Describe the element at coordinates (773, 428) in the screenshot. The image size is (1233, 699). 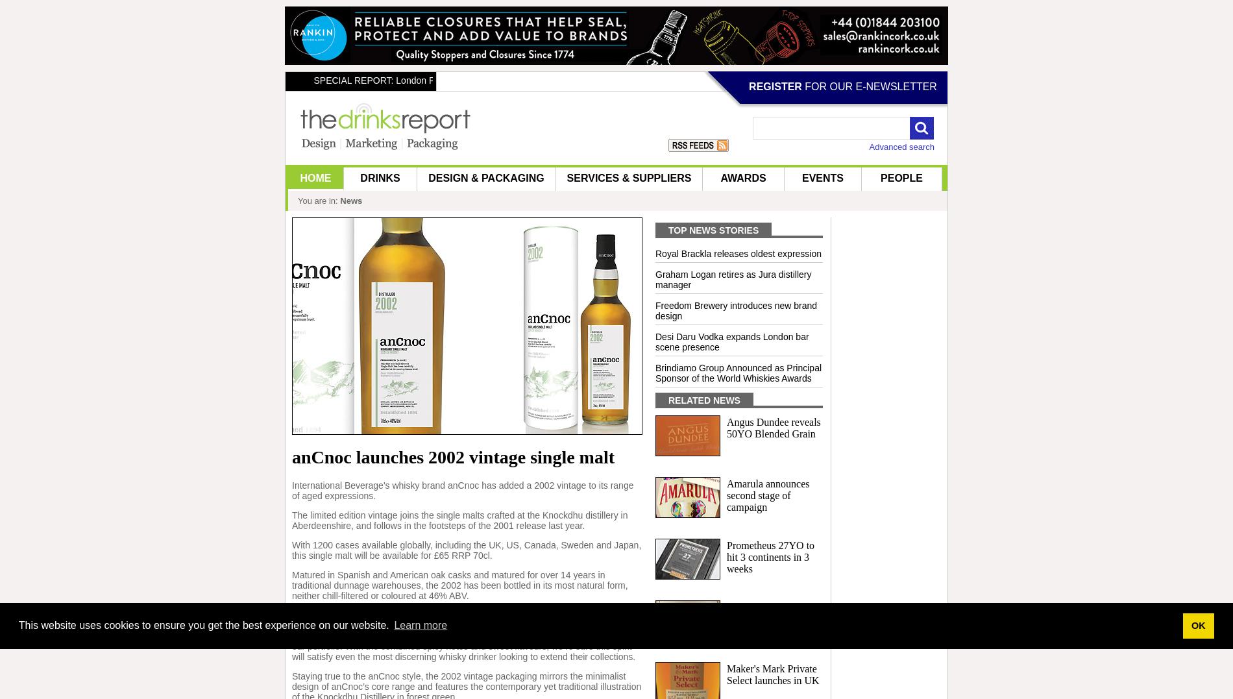
I see `'Angus Dundee reveals 50YO Blended Grain'` at that location.